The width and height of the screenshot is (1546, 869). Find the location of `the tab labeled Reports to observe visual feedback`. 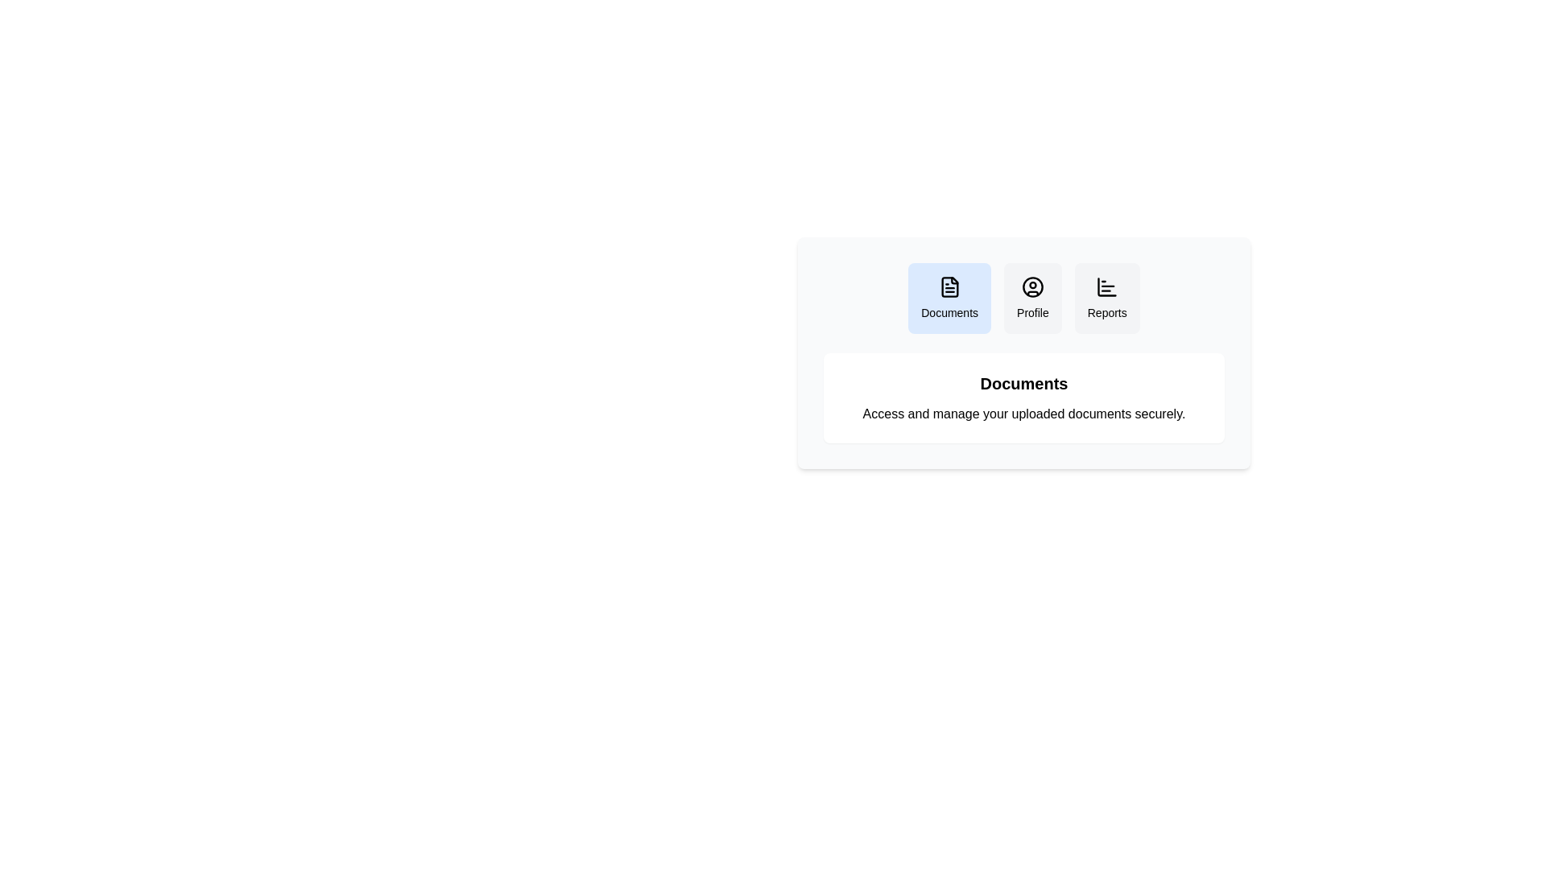

the tab labeled Reports to observe visual feedback is located at coordinates (1106, 298).